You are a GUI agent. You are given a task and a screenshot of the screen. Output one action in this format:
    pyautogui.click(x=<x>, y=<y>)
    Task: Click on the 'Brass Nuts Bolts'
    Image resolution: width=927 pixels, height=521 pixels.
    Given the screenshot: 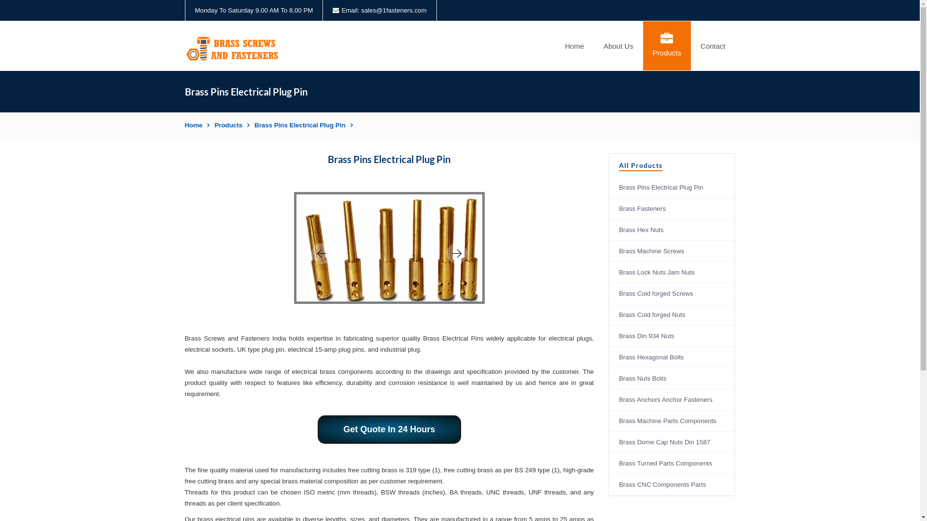 What is the action you would take?
    pyautogui.click(x=671, y=378)
    